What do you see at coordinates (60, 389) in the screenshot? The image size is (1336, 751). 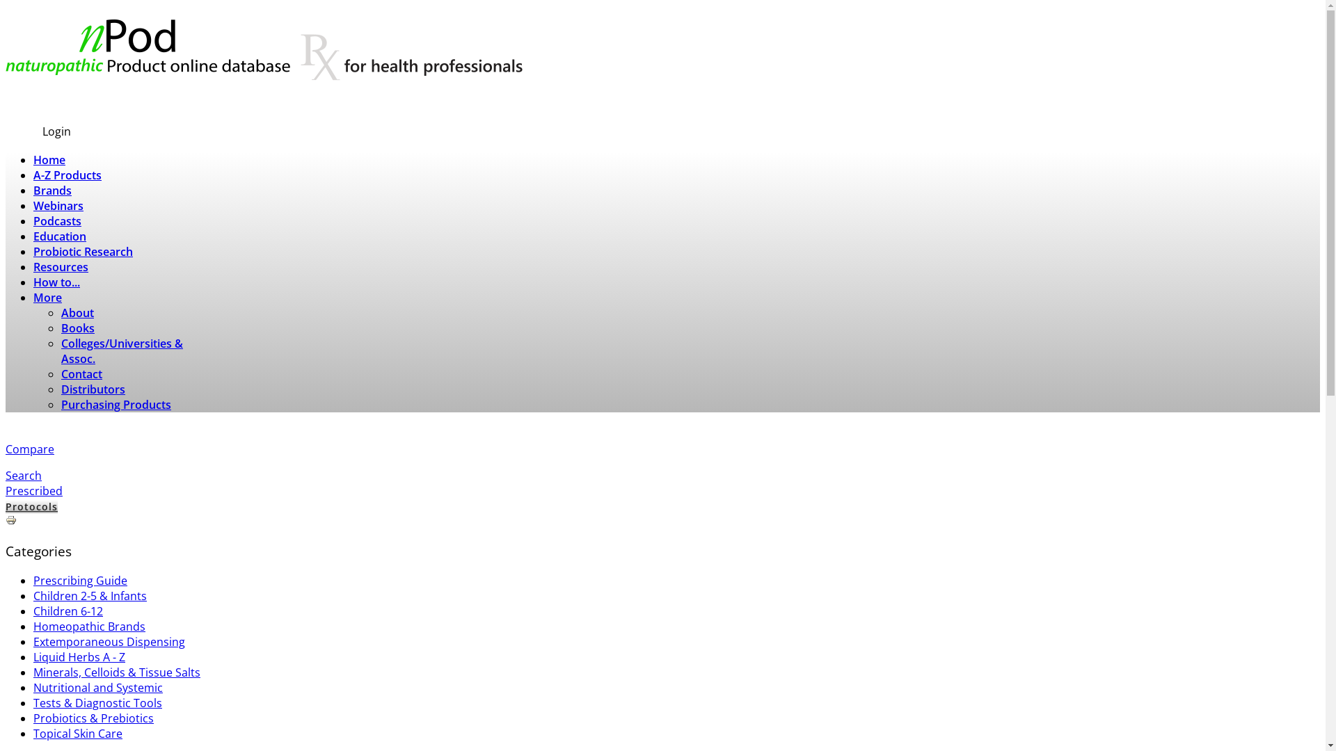 I see `'Distributors'` at bounding box center [60, 389].